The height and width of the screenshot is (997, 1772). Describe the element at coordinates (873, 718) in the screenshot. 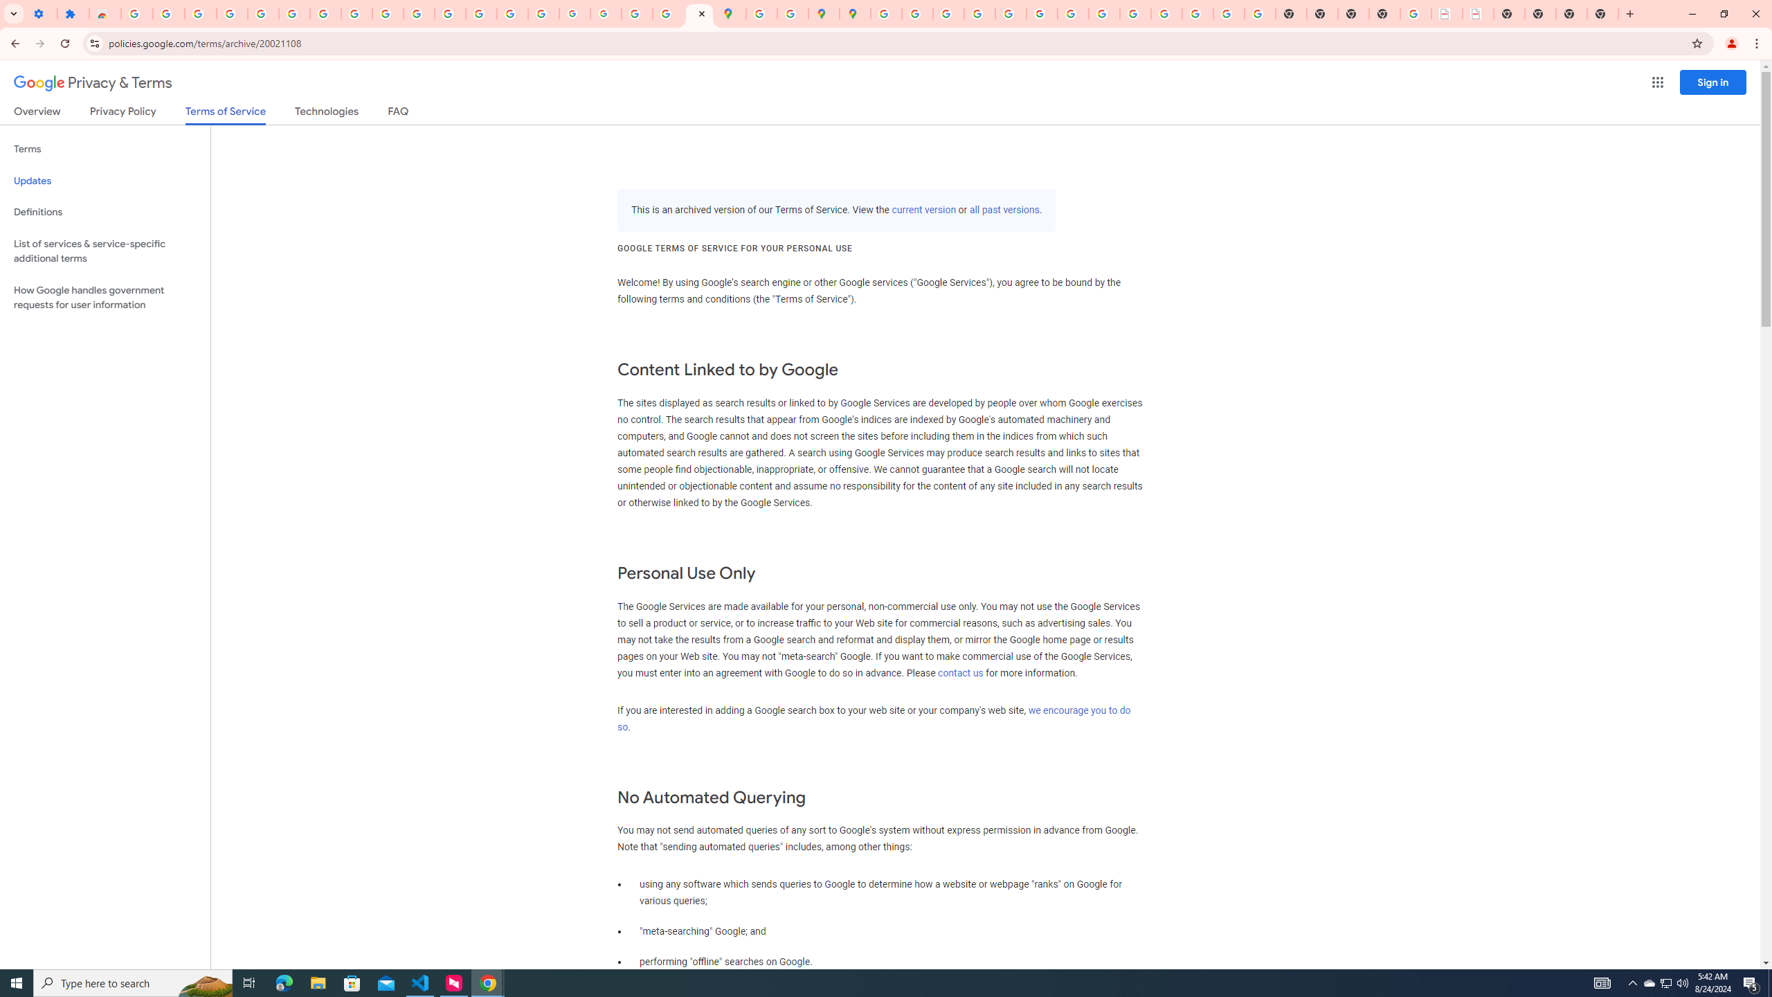

I see `'we encourage you to do so'` at that location.